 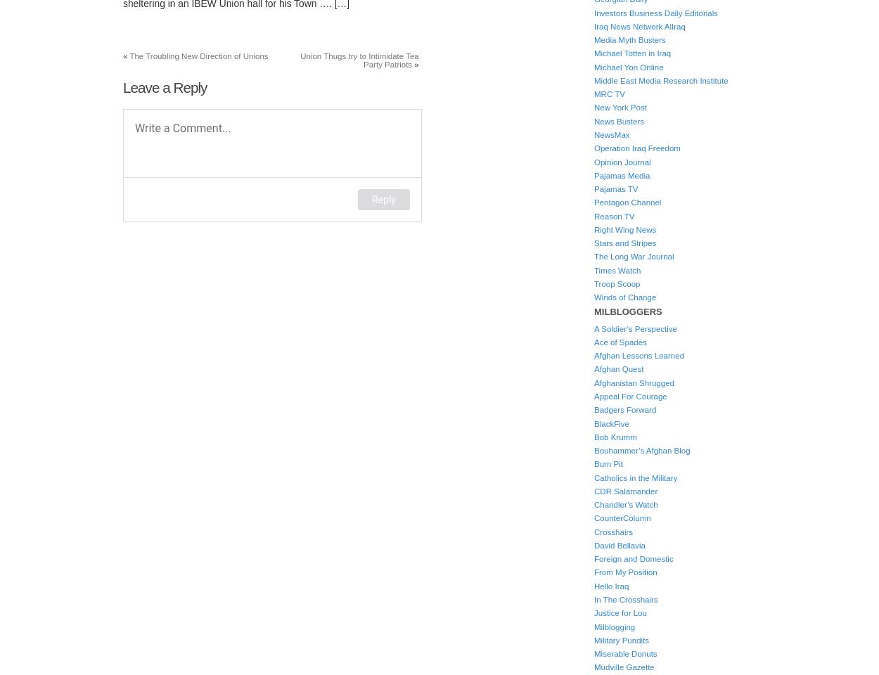 What do you see at coordinates (594, 216) in the screenshot?
I see `'Reason TV'` at bounding box center [594, 216].